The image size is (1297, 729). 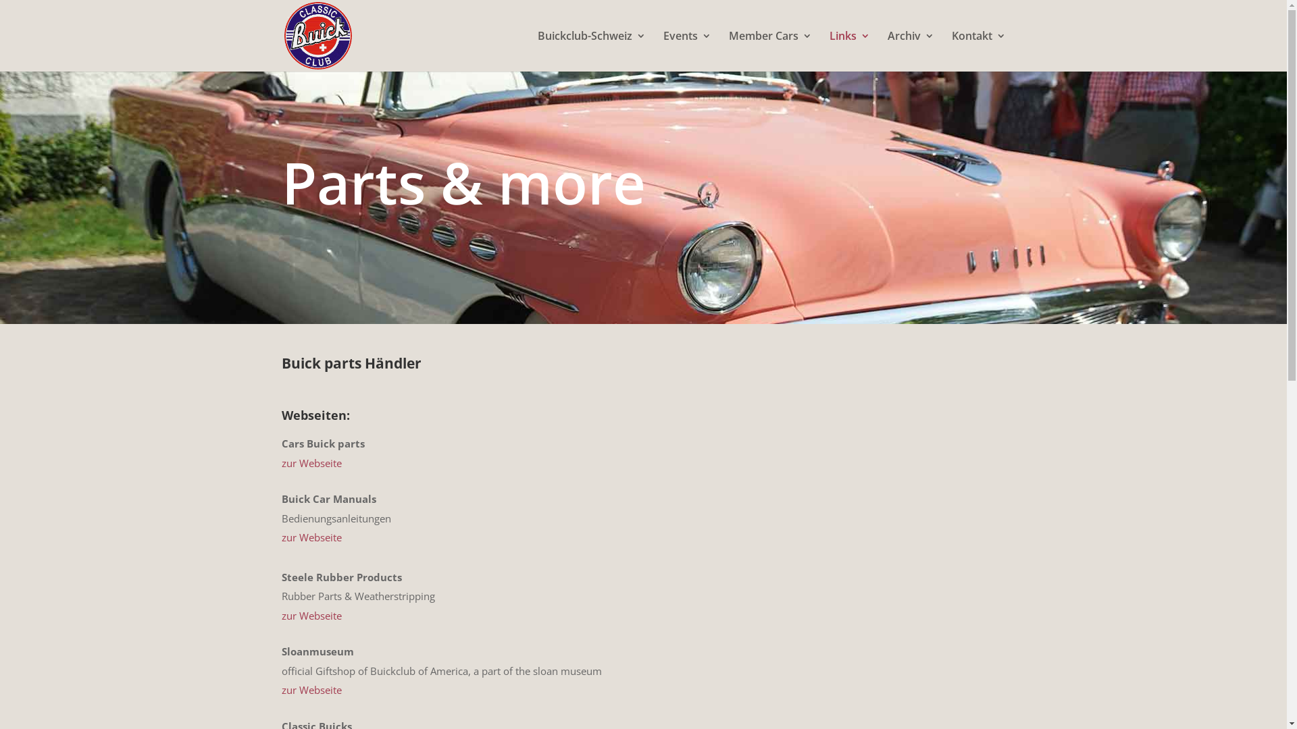 I want to click on 'Member Cars', so click(x=769, y=51).